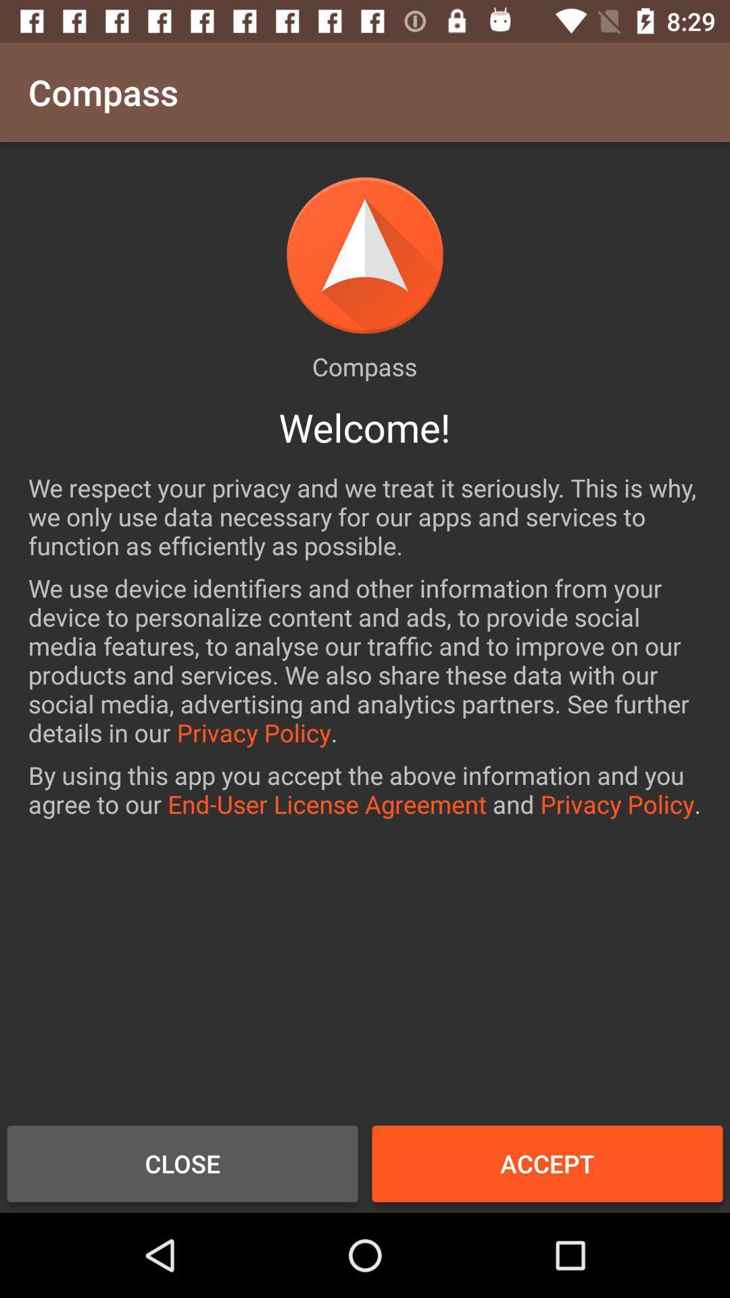 Image resolution: width=730 pixels, height=1298 pixels. Describe the element at coordinates (182, 1163) in the screenshot. I see `icon below the by using this item` at that location.